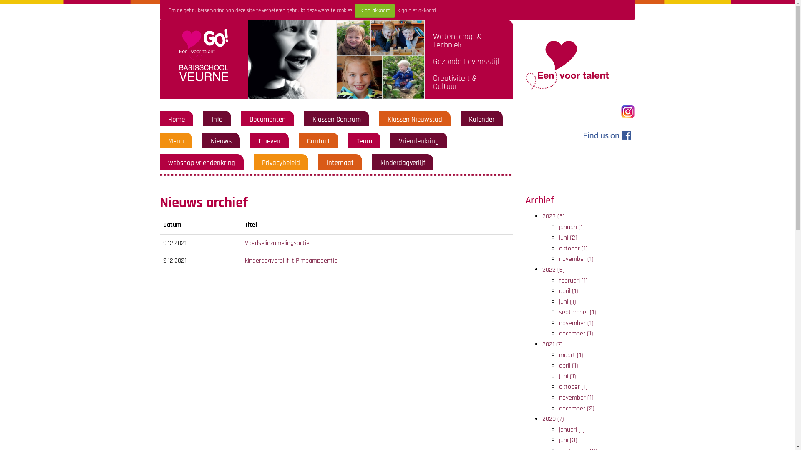 The width and height of the screenshot is (801, 450). Describe the element at coordinates (572, 227) in the screenshot. I see `'januari (1)'` at that location.